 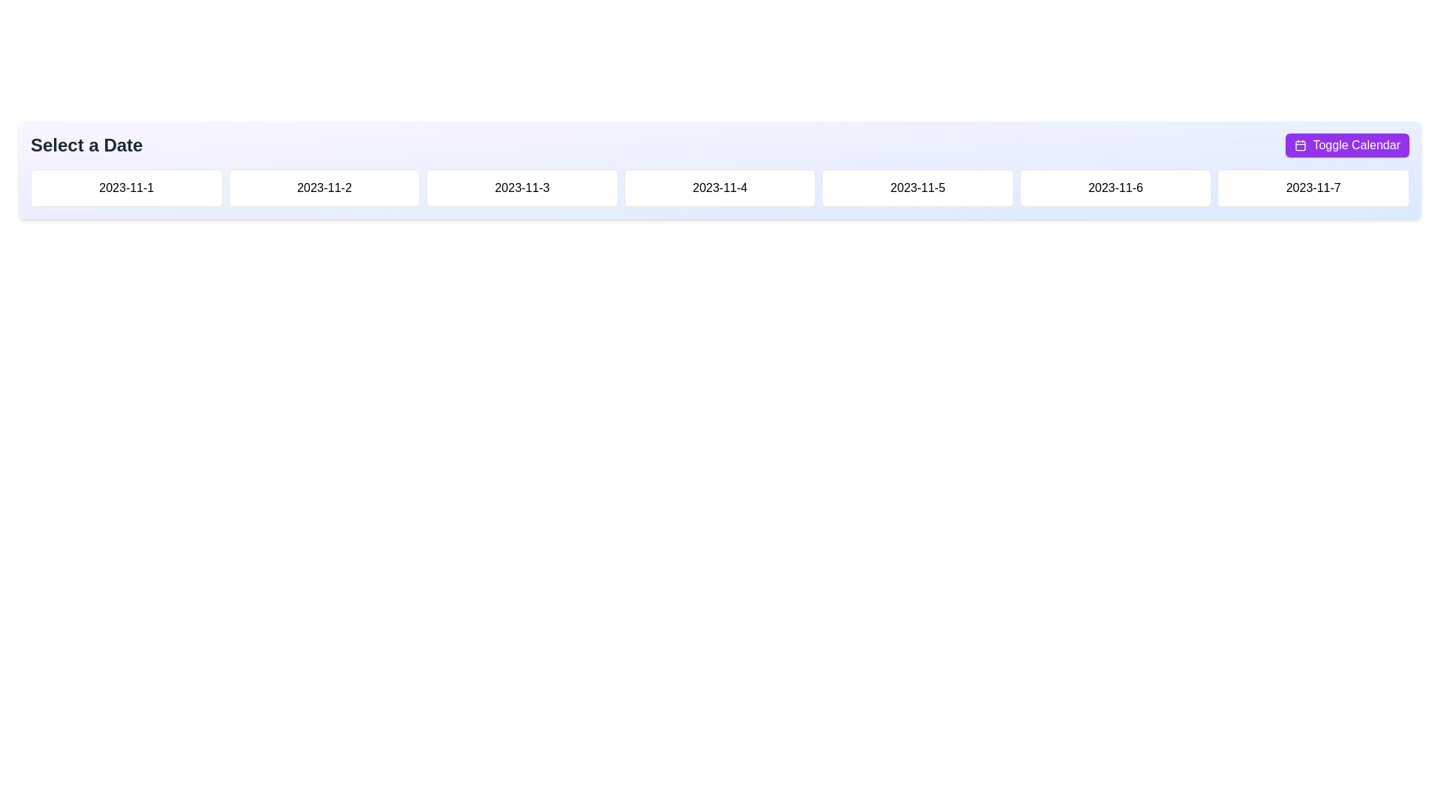 What do you see at coordinates (1300, 145) in the screenshot?
I see `the calendar icon, which has a square border and white strokes on a purple background, positioned to the left of the 'Toggle Calendar' button` at bounding box center [1300, 145].